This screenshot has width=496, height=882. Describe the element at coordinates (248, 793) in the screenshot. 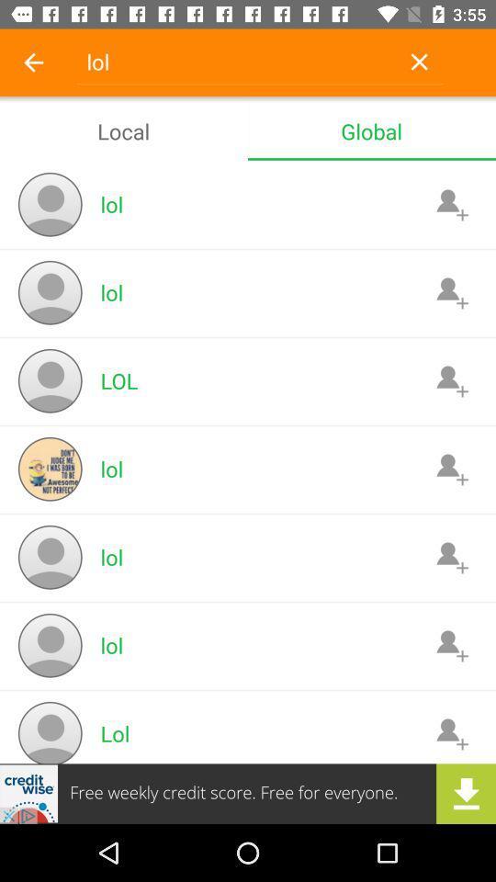

I see `load advert` at that location.